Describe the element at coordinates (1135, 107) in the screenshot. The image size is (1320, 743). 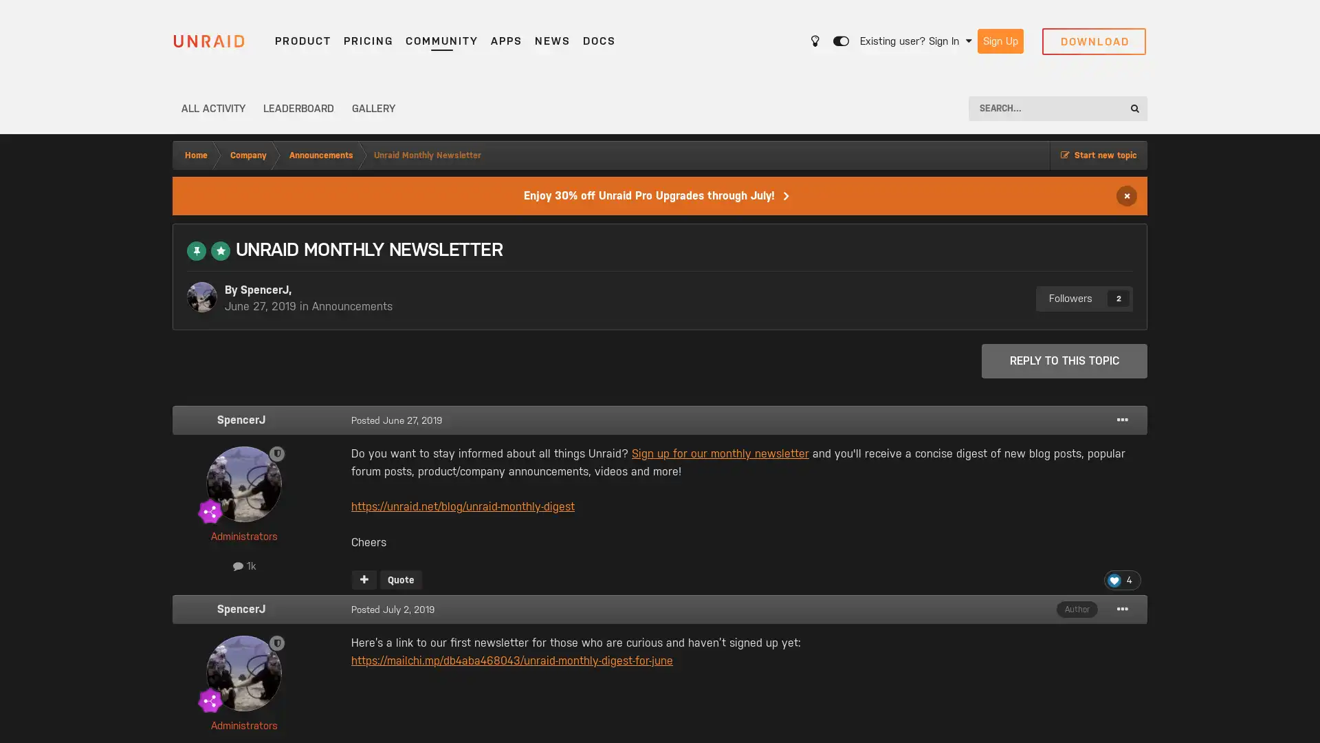
I see `Search` at that location.